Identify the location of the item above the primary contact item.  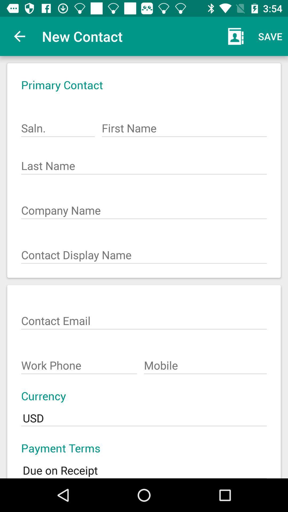
(19, 36).